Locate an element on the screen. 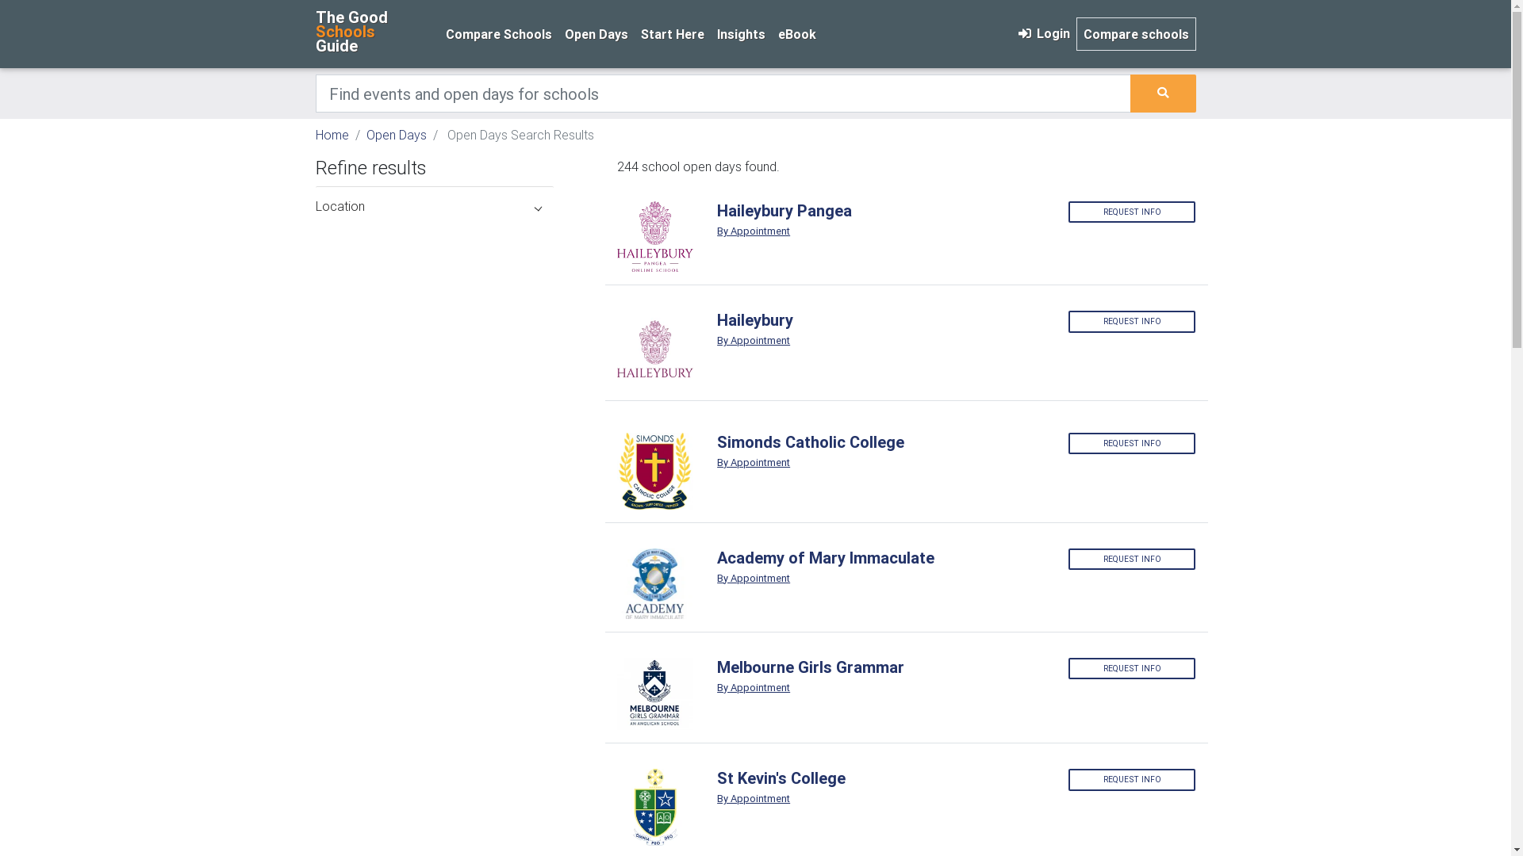 This screenshot has width=1523, height=856. 'By Appointment' is located at coordinates (792, 231).